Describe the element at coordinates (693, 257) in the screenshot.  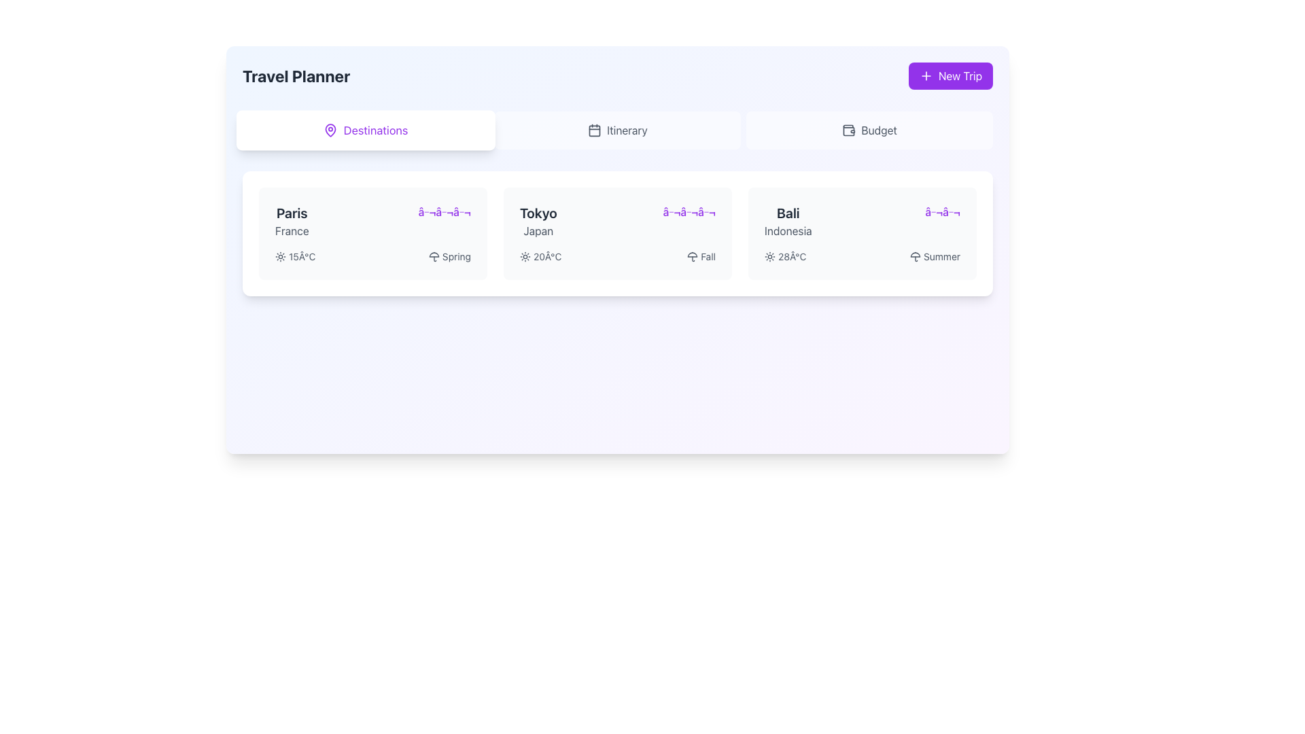
I see `the 'Fall' season icon located within the 'Tokyo' card, which is positioned directly to the left of the text 'Fall'` at that location.